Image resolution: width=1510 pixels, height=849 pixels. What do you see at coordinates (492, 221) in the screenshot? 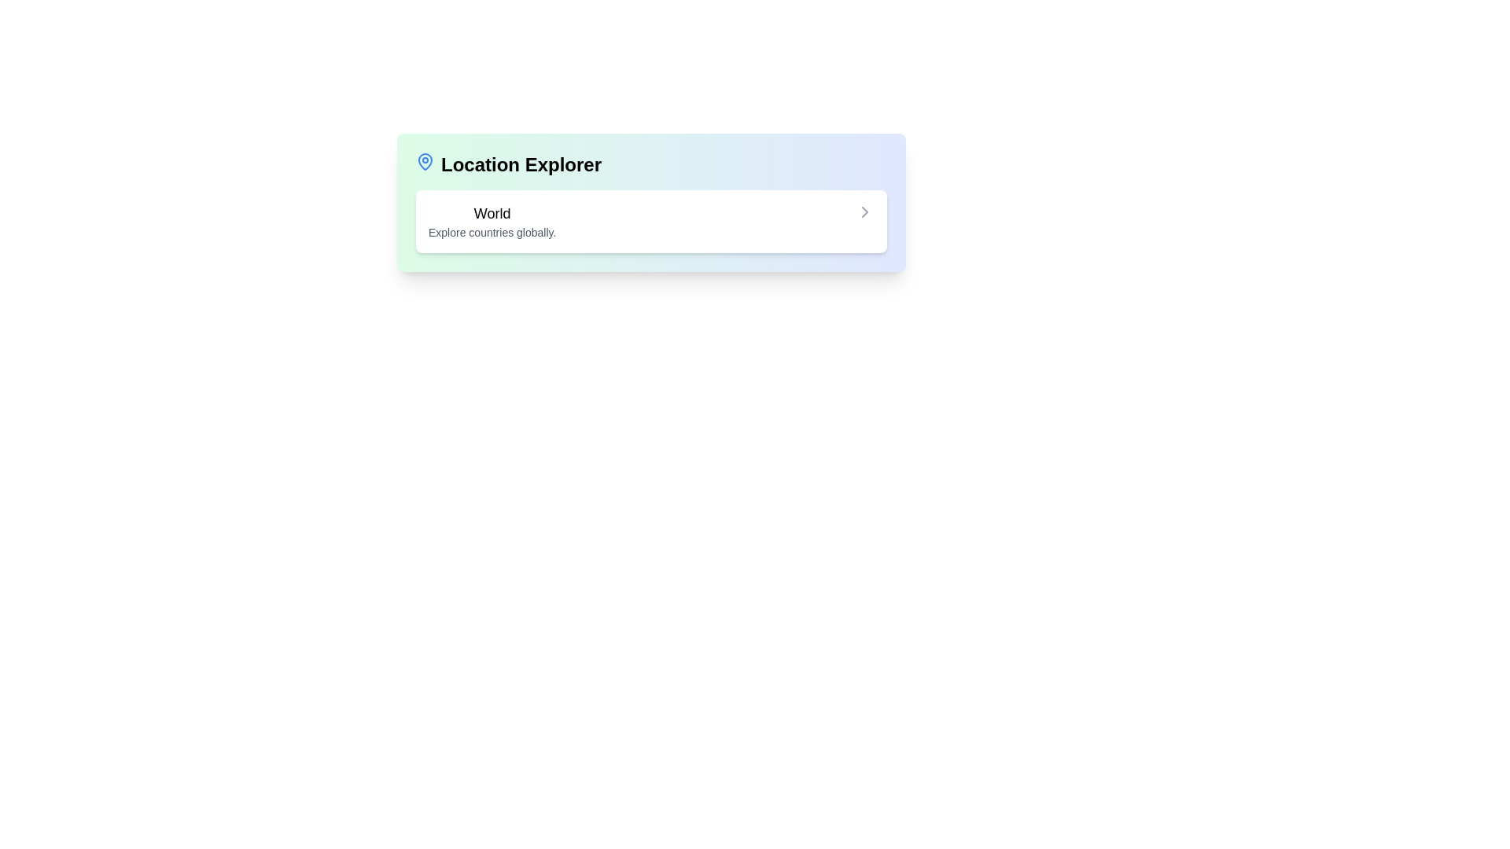
I see `the text-based element with the heading 'World' and subheading 'Explore countries globally.'` at bounding box center [492, 221].